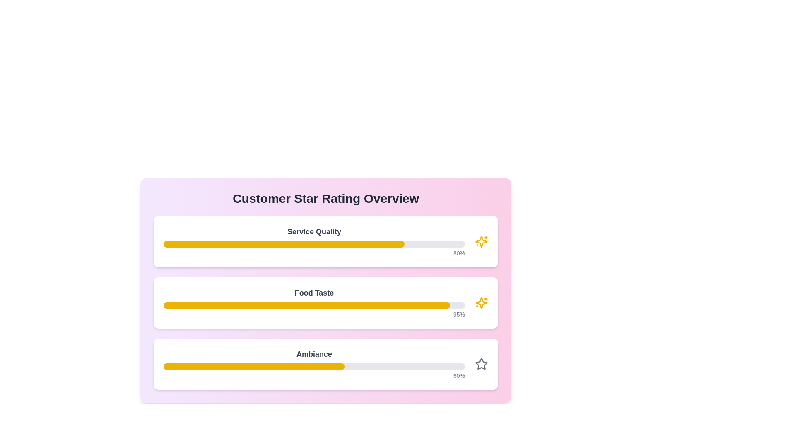 This screenshot has width=795, height=447. Describe the element at coordinates (481, 303) in the screenshot. I see `the visual indicator icon located in the rightmost portion of the 'Food Taste' section, which complements the progress shown below the text '95%'` at that location.